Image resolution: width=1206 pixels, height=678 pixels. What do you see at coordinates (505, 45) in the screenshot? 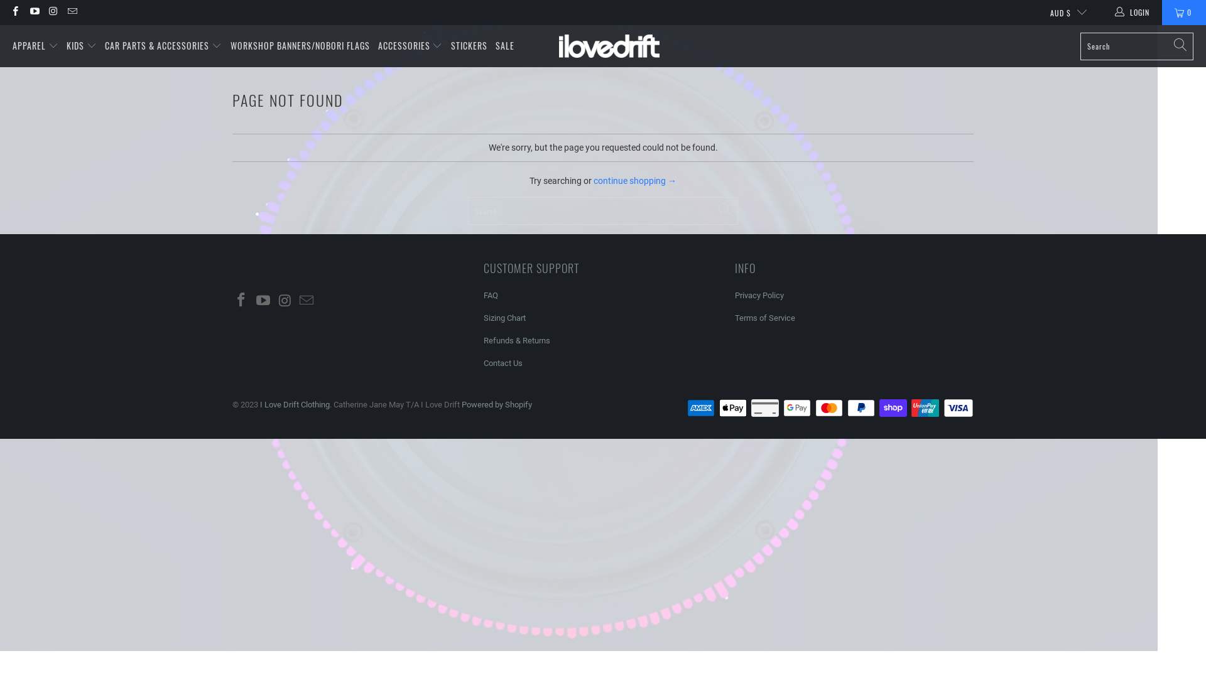
I see `'SALE'` at bounding box center [505, 45].